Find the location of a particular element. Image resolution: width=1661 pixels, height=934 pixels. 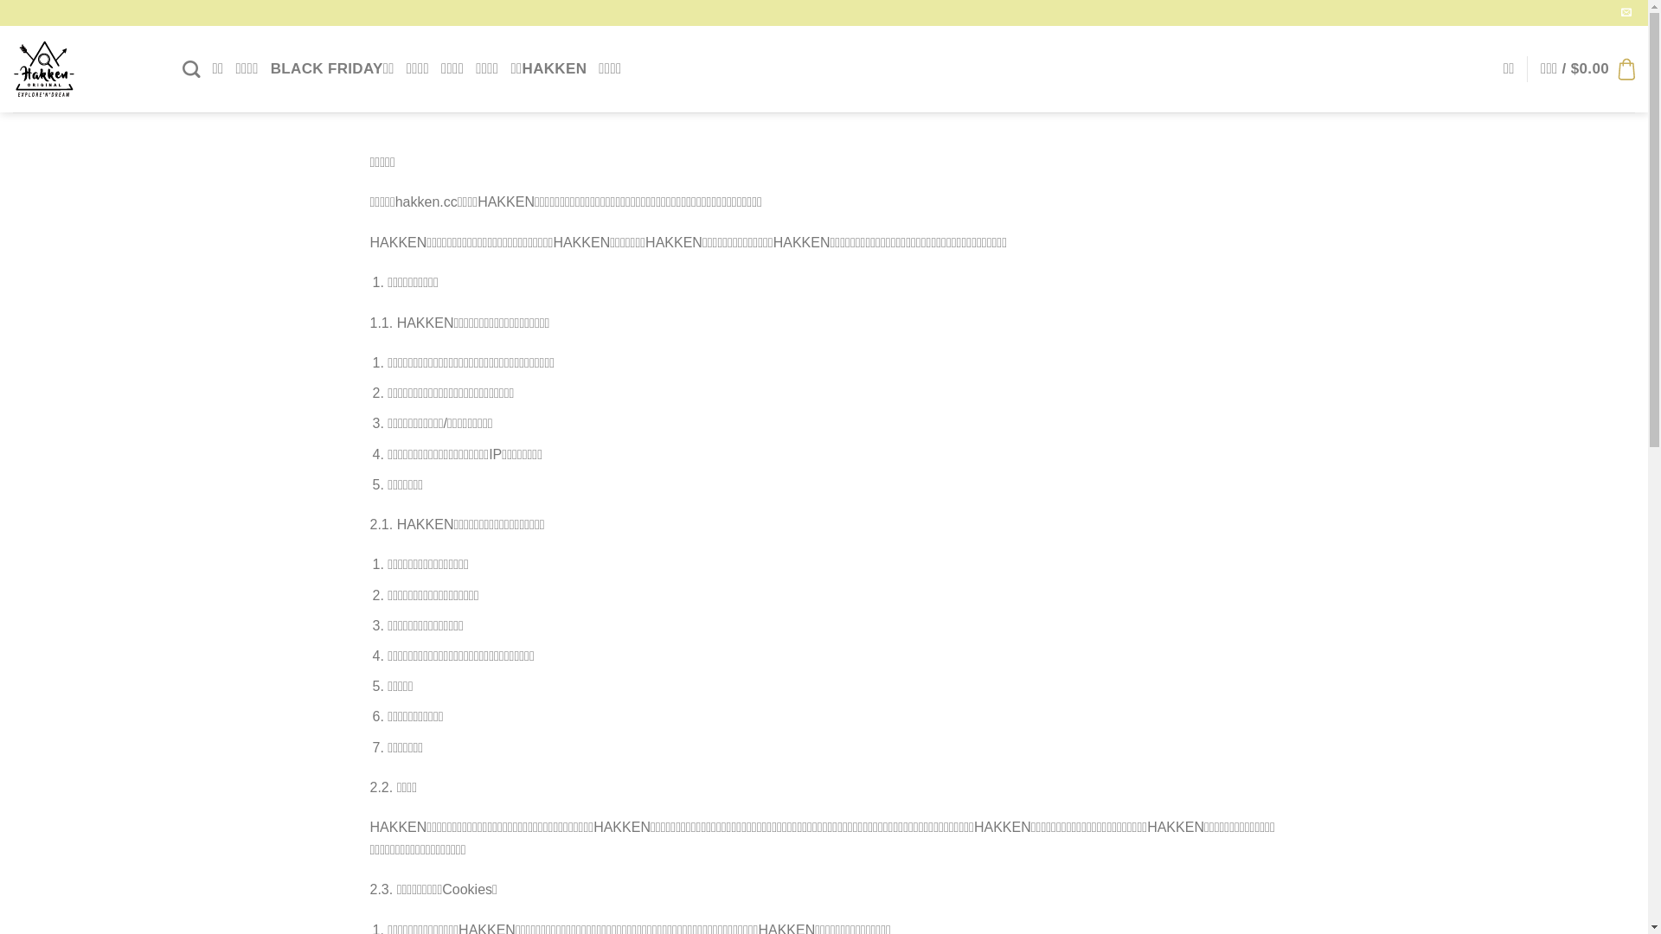

'HAKKEN - HAKKEN' is located at coordinates (83, 68).